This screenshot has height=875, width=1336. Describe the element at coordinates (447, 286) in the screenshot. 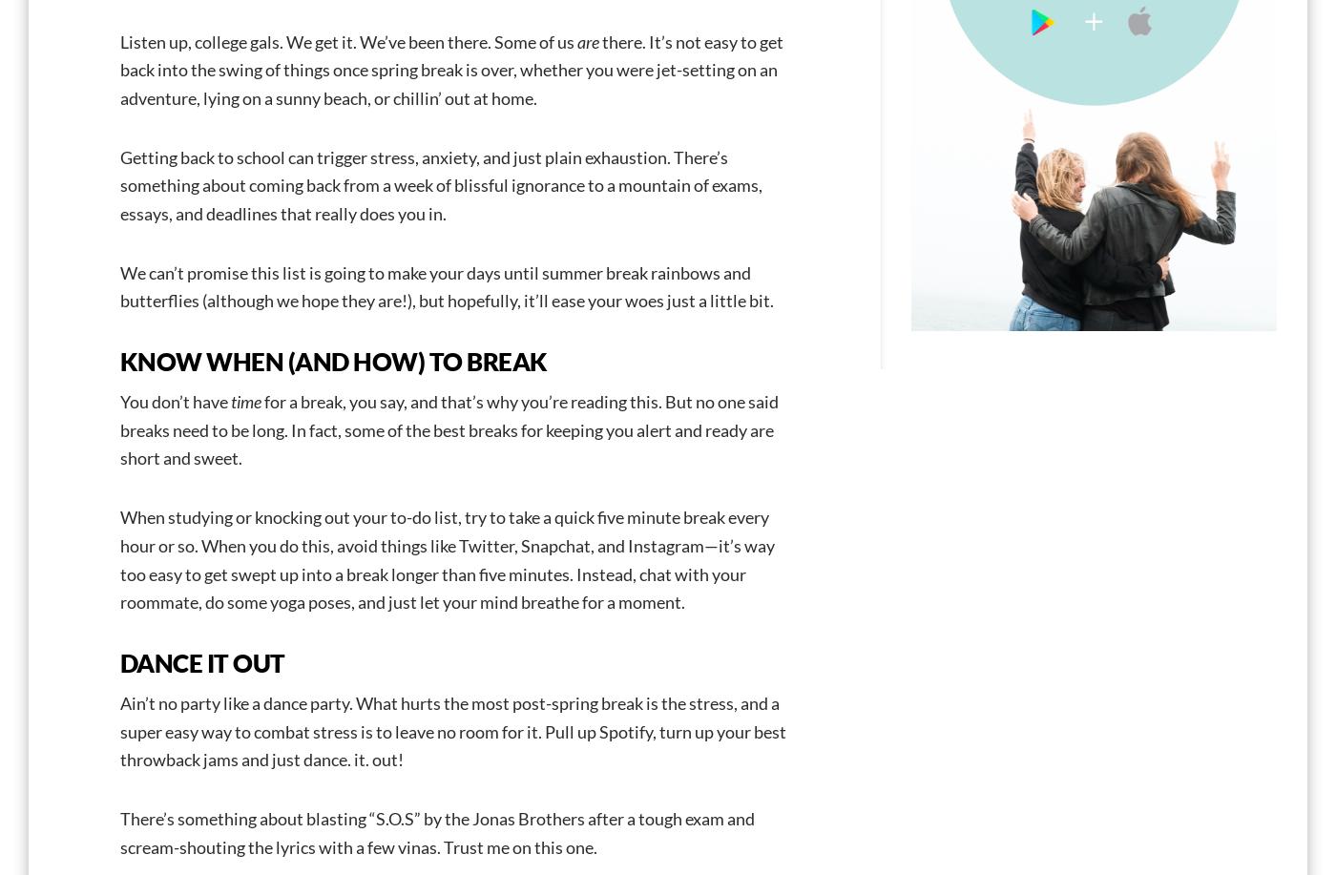

I see `'We can’t promise this list is going to make your days until summer break rainbows and butterflies (although we hope they are!), but hopefully, it’ll ease your woes just a little bit.'` at that location.